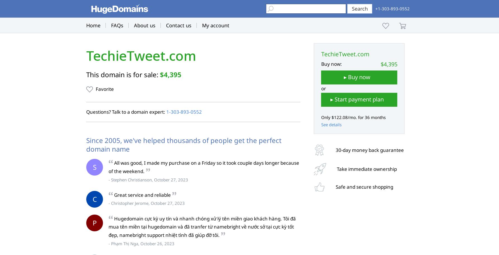 This screenshot has height=255, width=499. What do you see at coordinates (94, 222) in the screenshot?
I see `'P'` at bounding box center [94, 222].